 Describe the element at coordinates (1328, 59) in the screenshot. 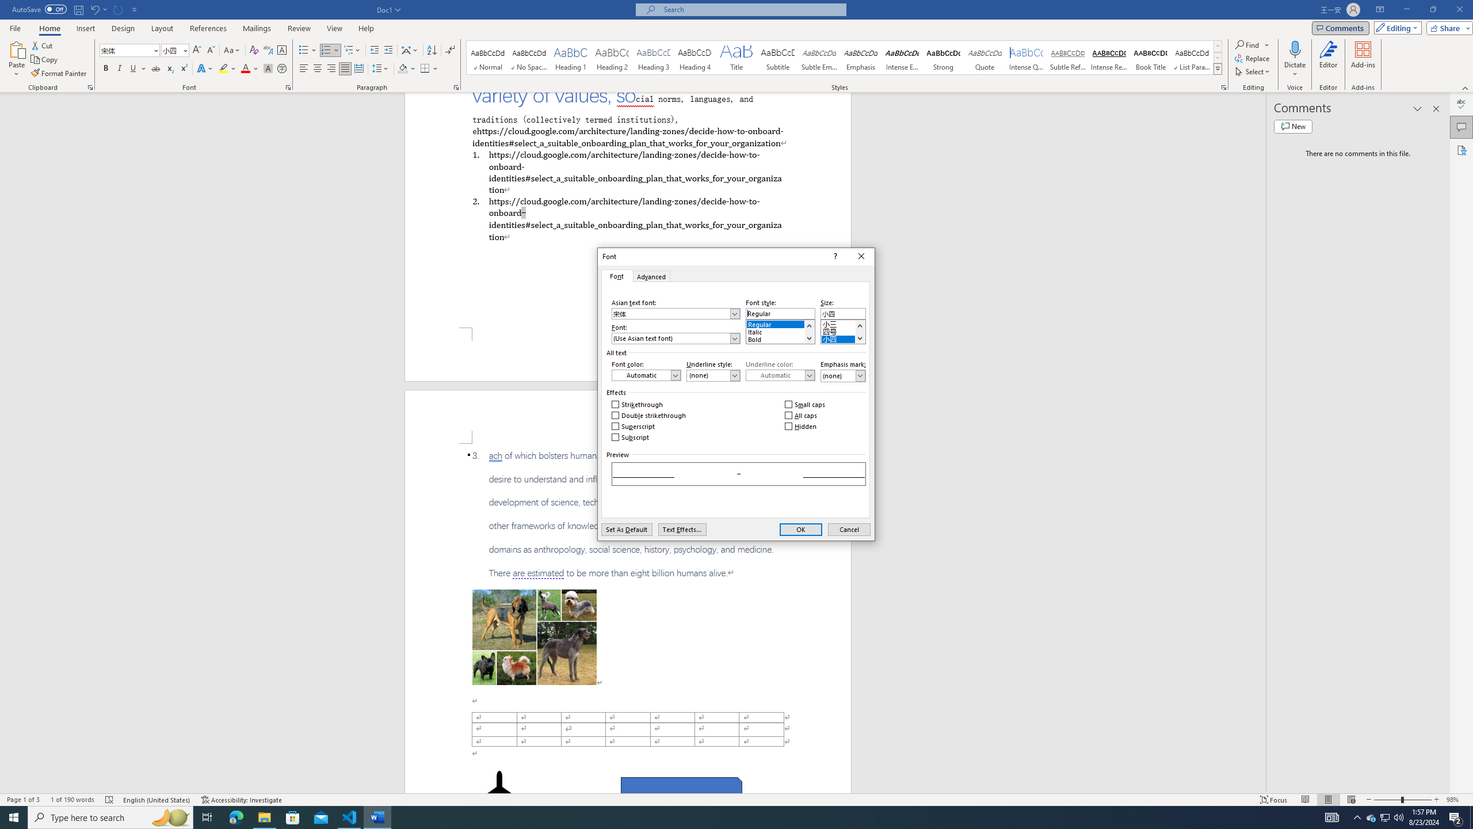

I see `'Editor'` at that location.